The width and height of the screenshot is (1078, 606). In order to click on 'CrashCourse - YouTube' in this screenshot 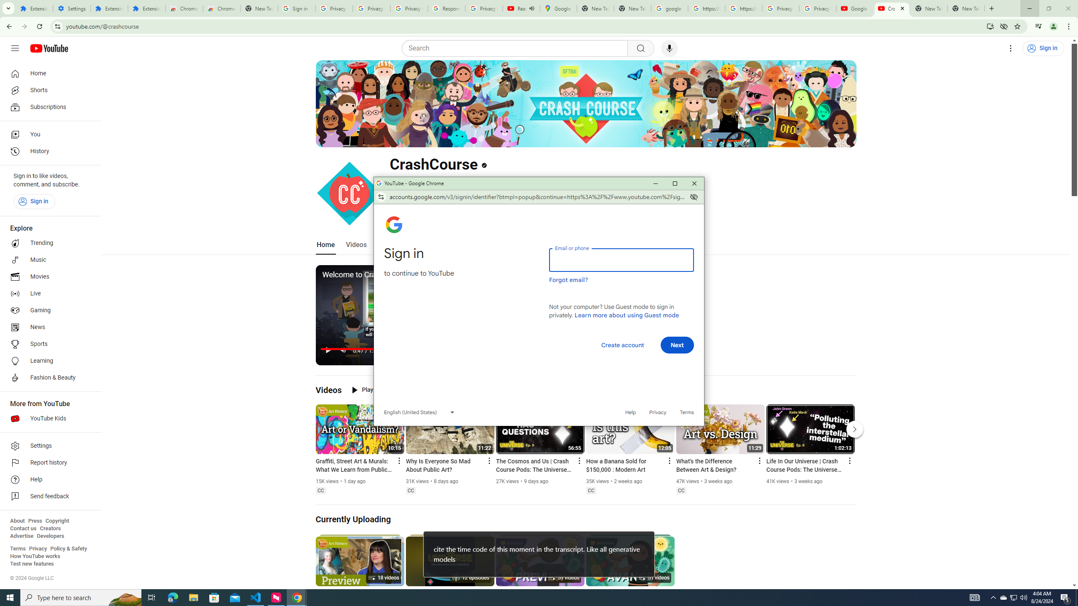, I will do `click(891, 8)`.